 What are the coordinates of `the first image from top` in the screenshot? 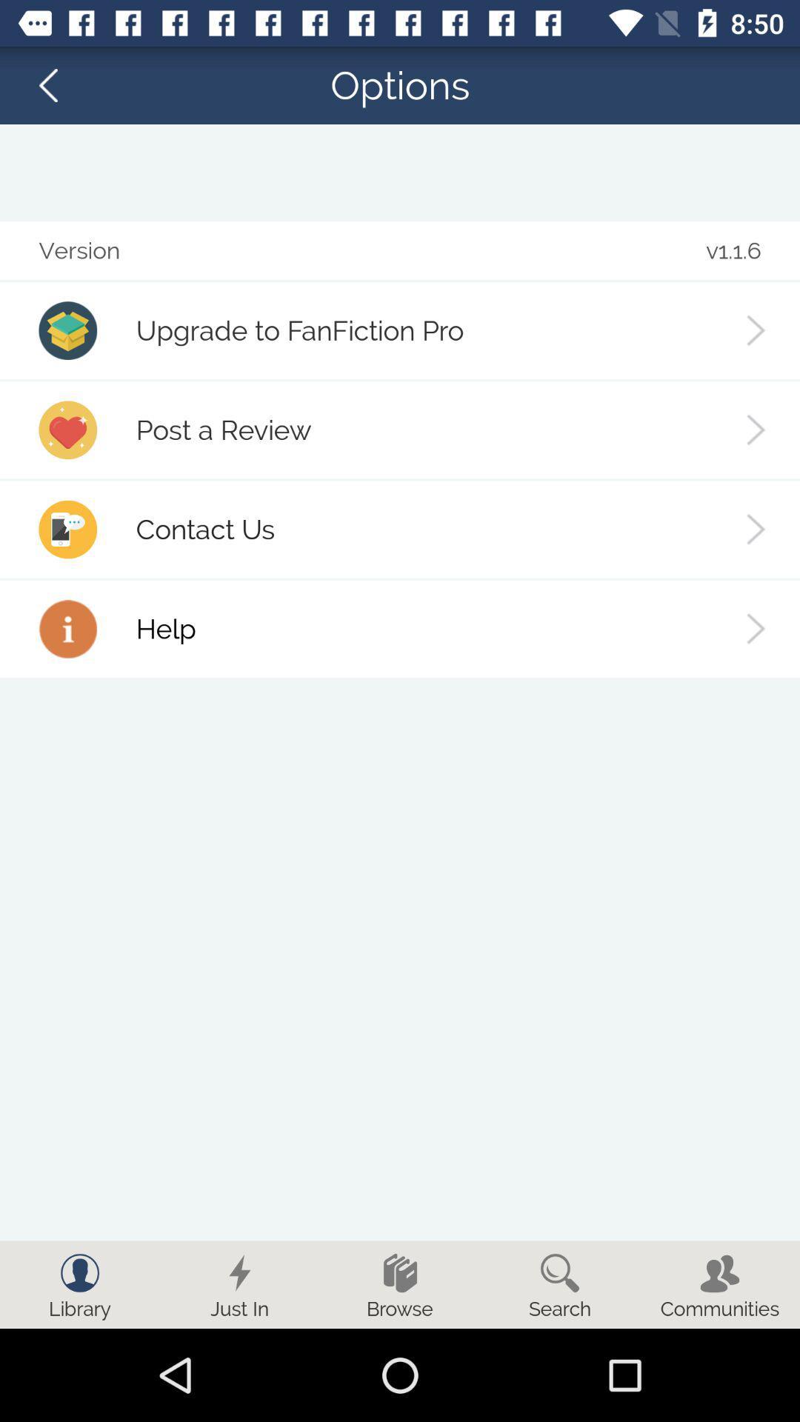 It's located at (68, 330).